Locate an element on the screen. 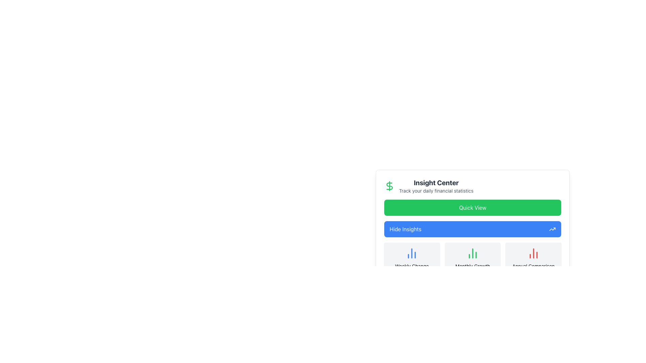  the Text Display element that shows 'Insight Center' and 'Track your daily financial statistics' for reading is located at coordinates (436, 186).